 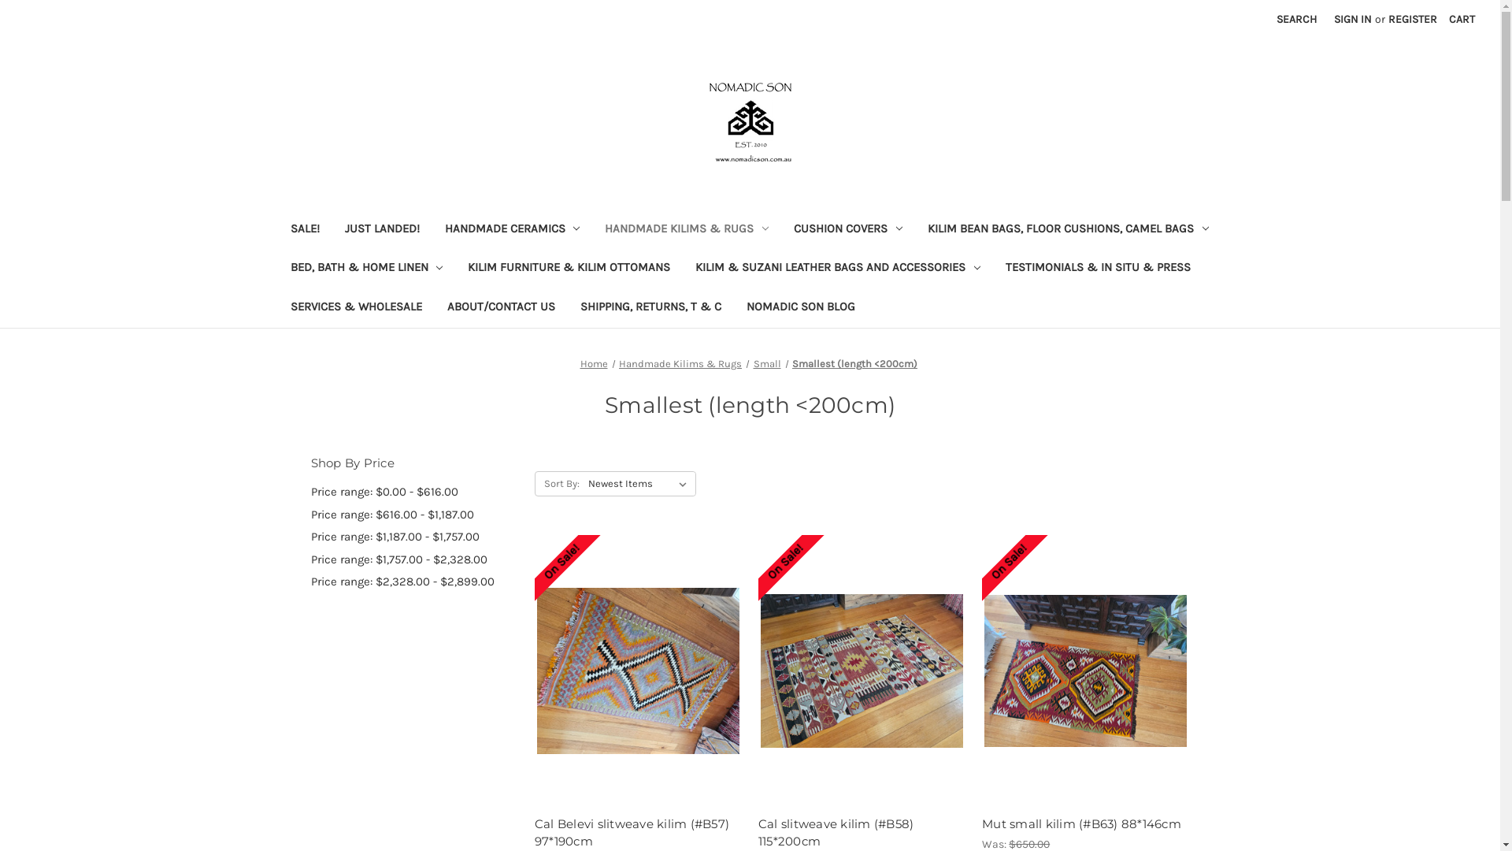 What do you see at coordinates (837, 268) in the screenshot?
I see `'KILIM & SUZANI LEATHER BAGS AND ACCESSORIES'` at bounding box center [837, 268].